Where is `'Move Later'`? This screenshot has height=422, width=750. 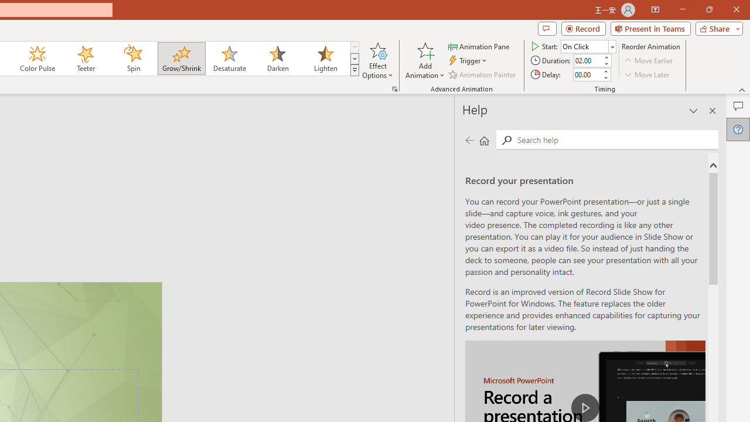 'Move Later' is located at coordinates (647, 74).